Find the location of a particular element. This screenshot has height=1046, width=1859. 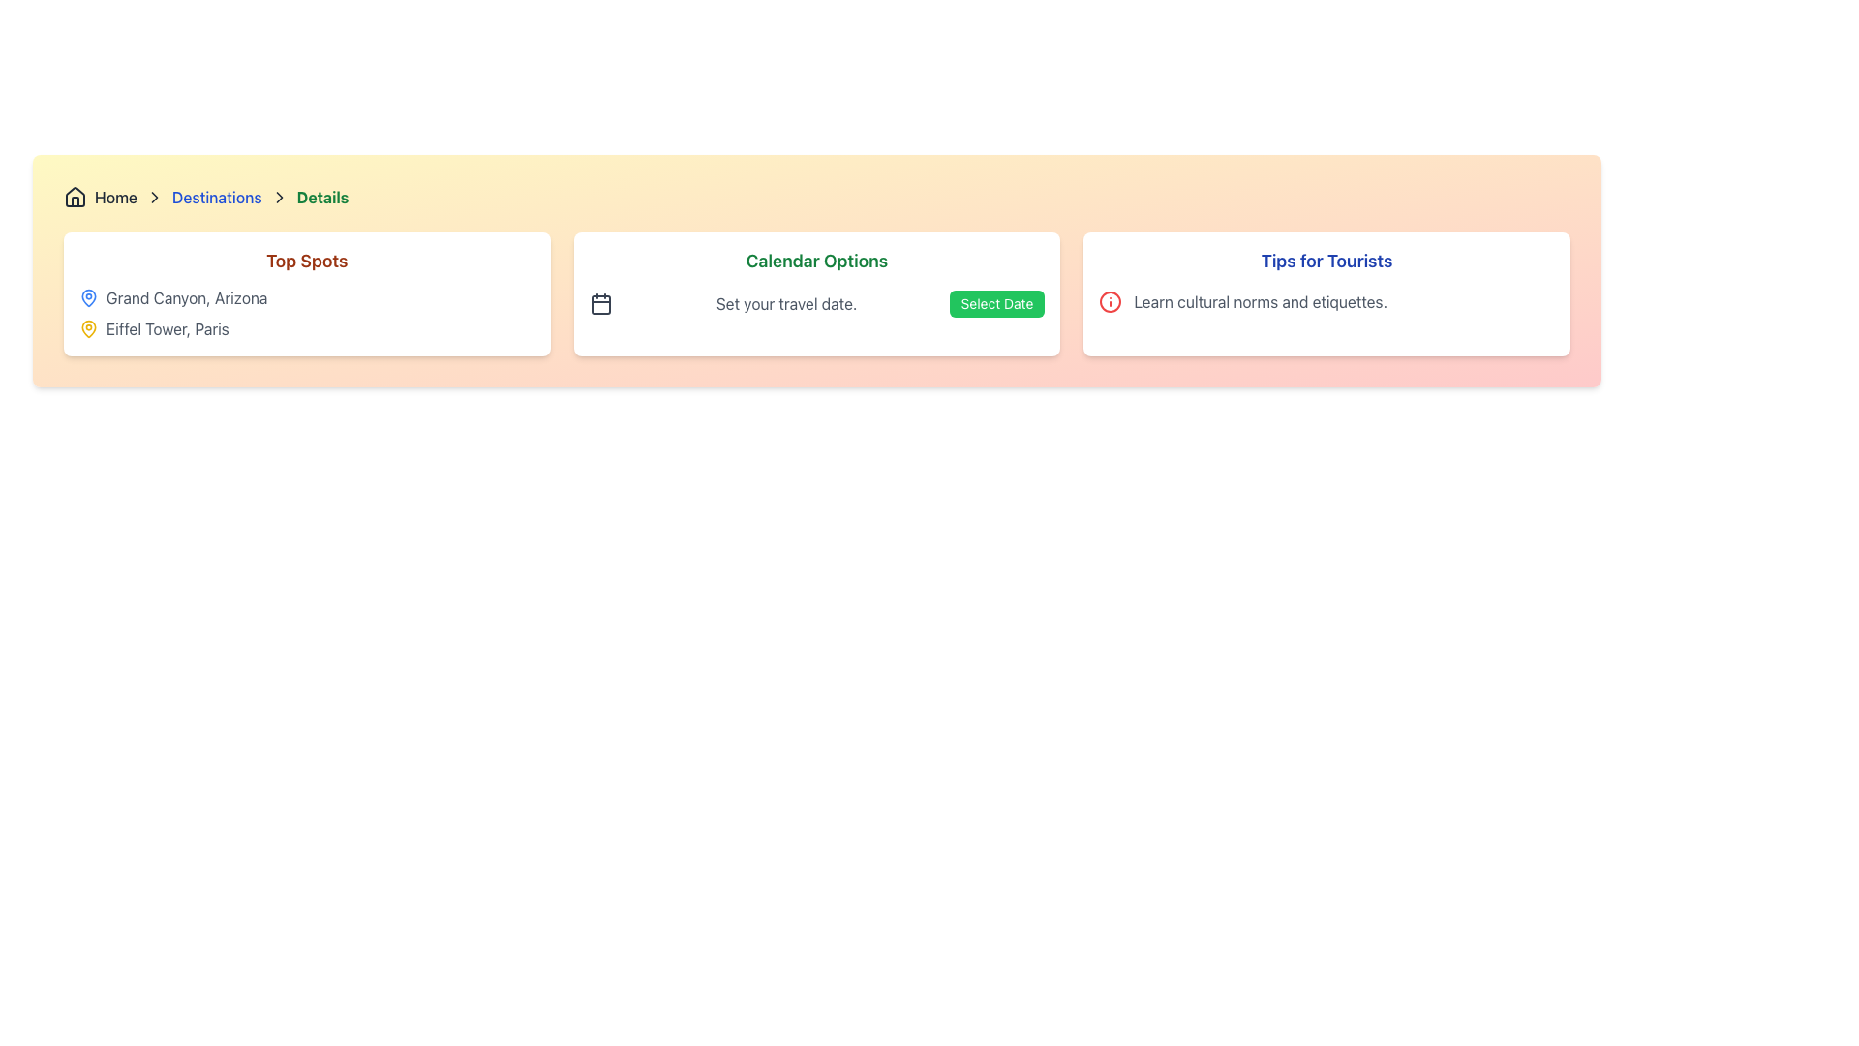

the text segment 'Learn cultural norms and etiquettes.' with an accompanying red information icon, located in the lower section of the 'Tips for Tourists' card is located at coordinates (1326, 302).